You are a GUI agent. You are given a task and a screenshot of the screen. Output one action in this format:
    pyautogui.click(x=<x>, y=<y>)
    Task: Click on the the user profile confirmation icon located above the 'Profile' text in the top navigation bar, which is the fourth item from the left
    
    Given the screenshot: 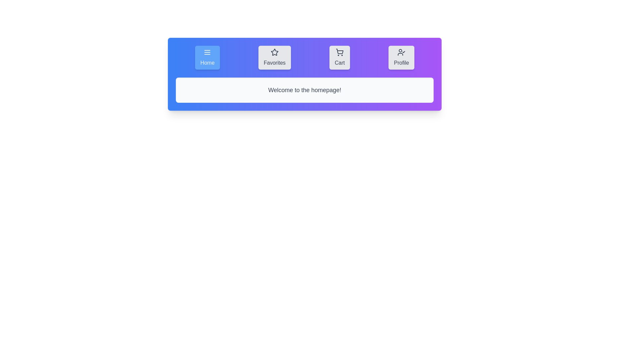 What is the action you would take?
    pyautogui.click(x=401, y=52)
    